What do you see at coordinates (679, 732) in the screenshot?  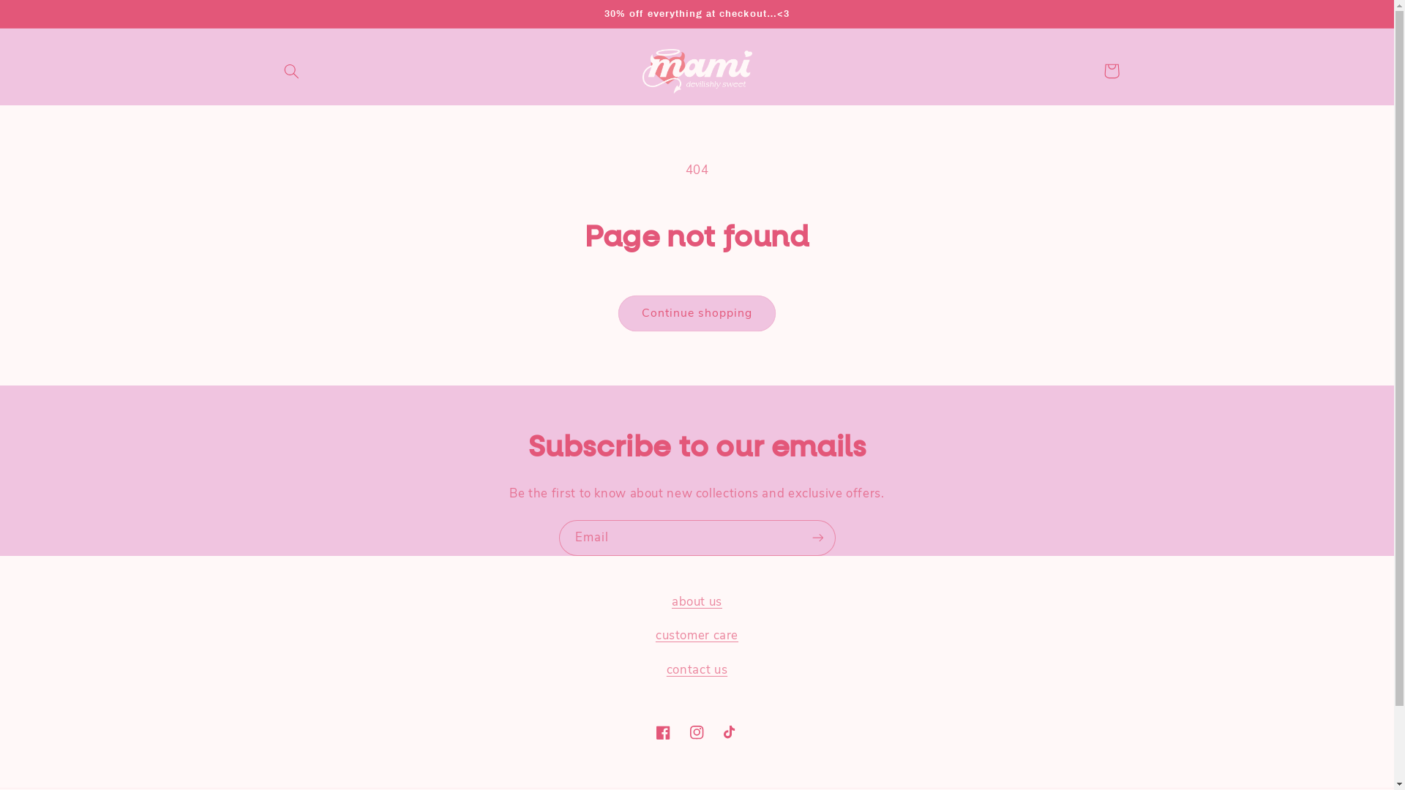 I see `'Instagram'` at bounding box center [679, 732].